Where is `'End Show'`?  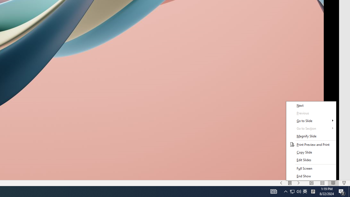 'End Show' is located at coordinates (311, 176).